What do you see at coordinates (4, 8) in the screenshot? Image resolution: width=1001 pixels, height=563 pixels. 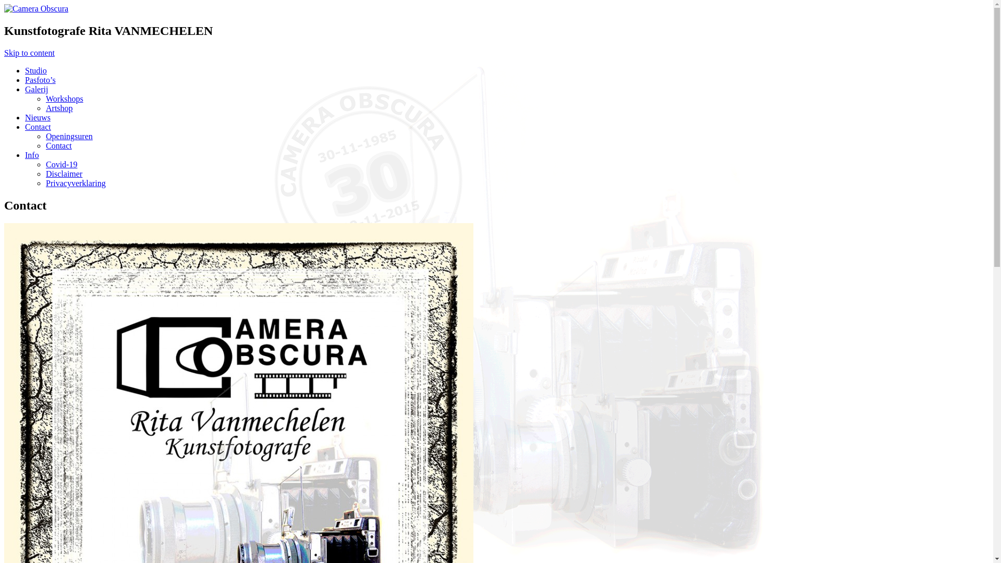 I see `'Camera Obscura'` at bounding box center [4, 8].